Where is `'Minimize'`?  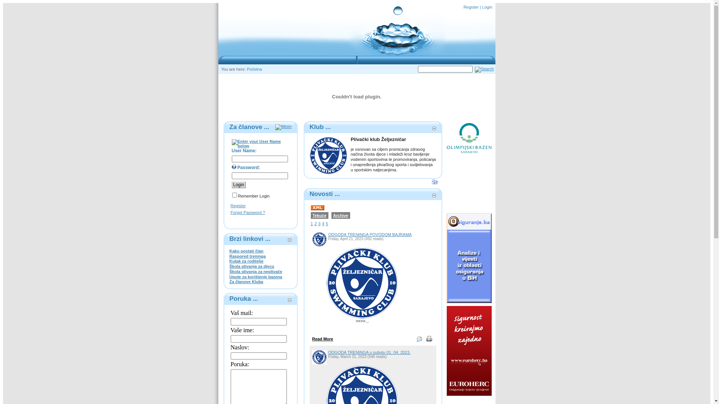
'Minimize' is located at coordinates (433, 195).